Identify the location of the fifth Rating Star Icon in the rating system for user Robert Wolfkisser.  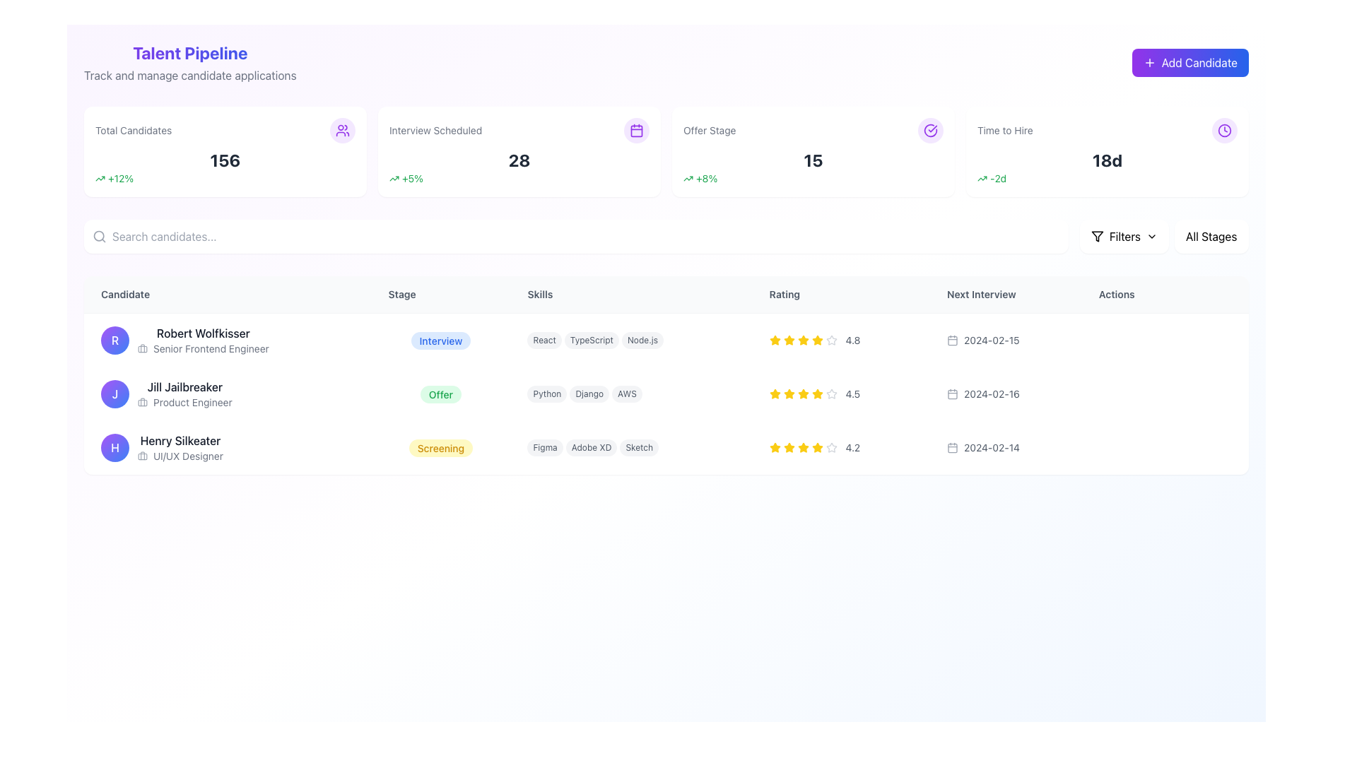
(803, 341).